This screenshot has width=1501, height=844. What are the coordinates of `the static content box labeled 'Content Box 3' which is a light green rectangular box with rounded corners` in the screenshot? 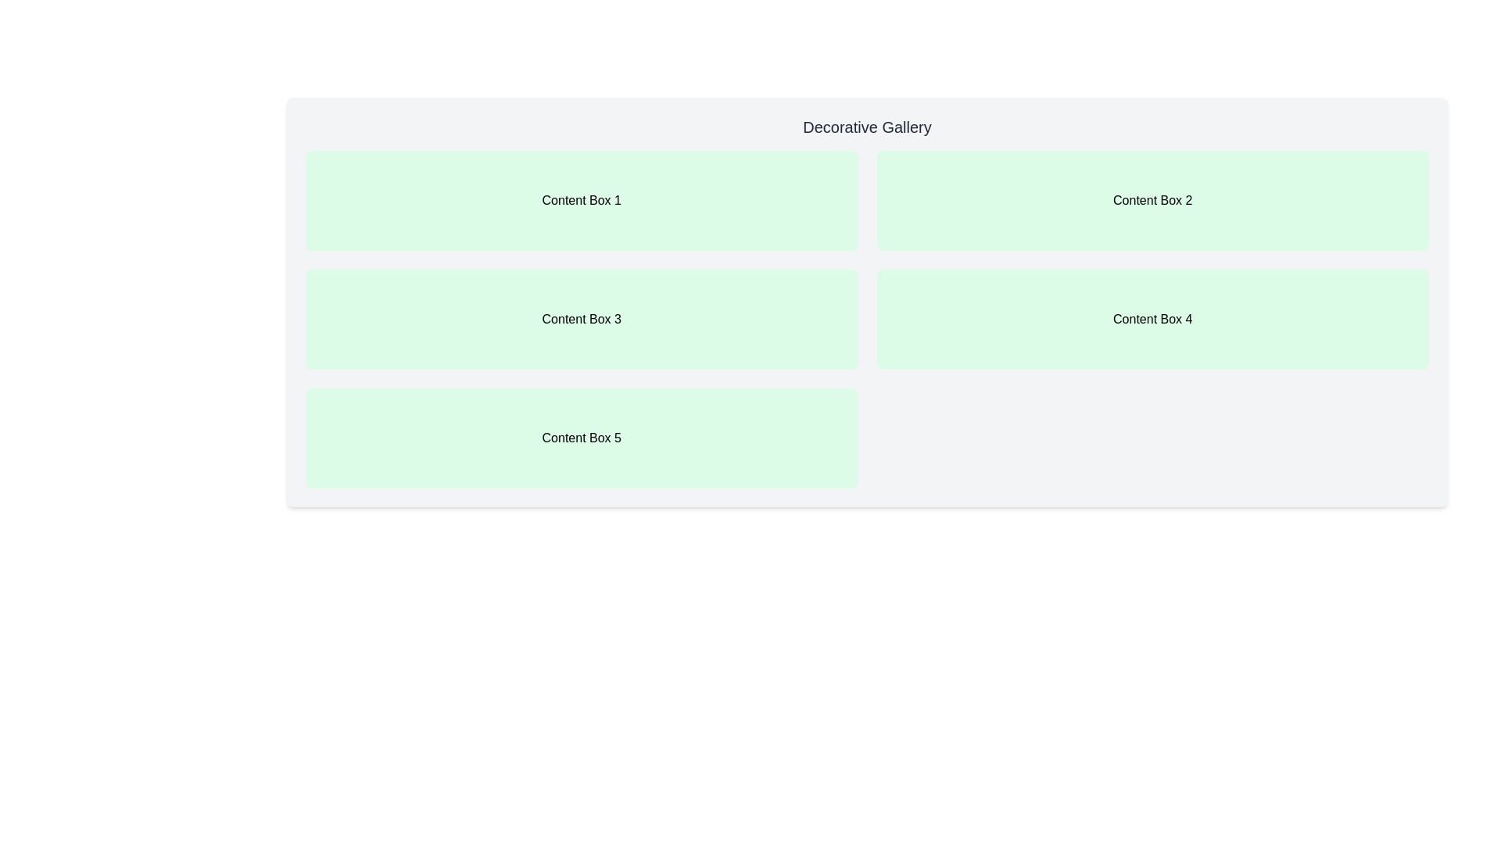 It's located at (581, 318).